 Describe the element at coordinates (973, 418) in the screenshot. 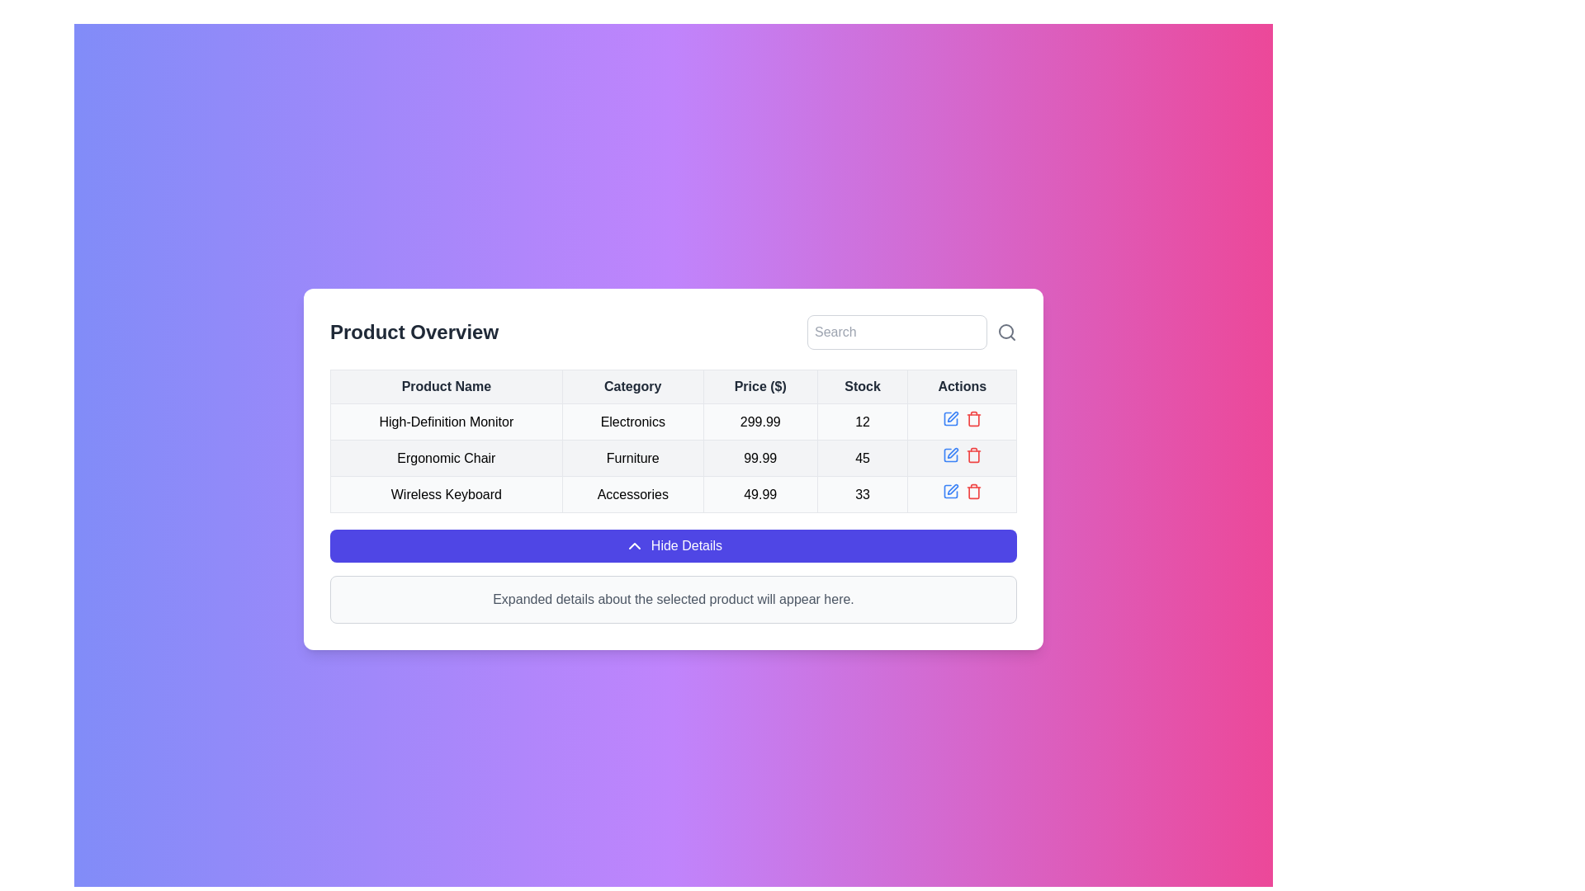

I see `the trash bin icon in the 'Actions' column of the second row to initiate a delete action` at that location.